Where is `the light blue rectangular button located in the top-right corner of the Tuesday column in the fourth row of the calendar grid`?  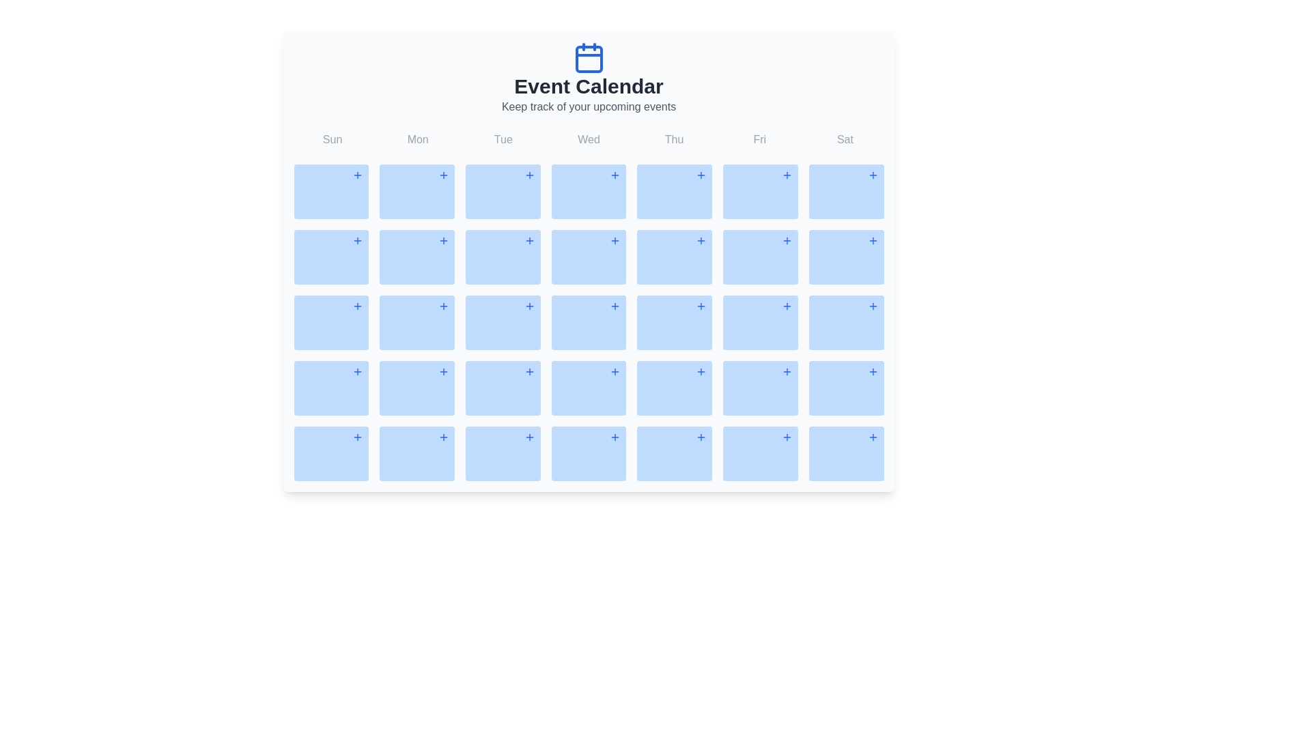
the light blue rectangular button located in the top-right corner of the Tuesday column in the fourth row of the calendar grid is located at coordinates (528, 305).